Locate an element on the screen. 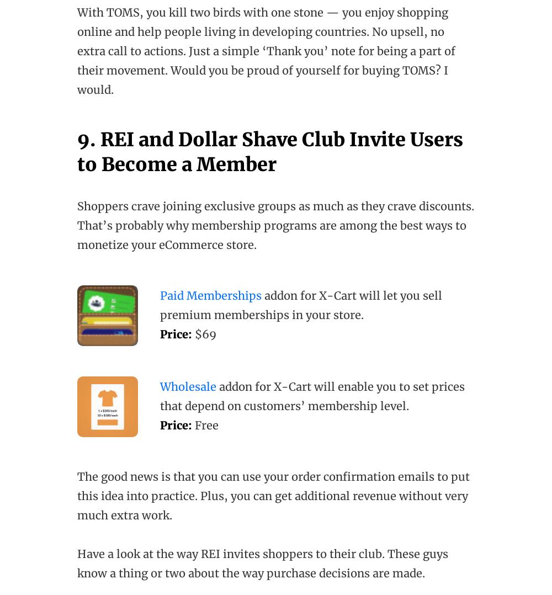  '$69' is located at coordinates (204, 334).